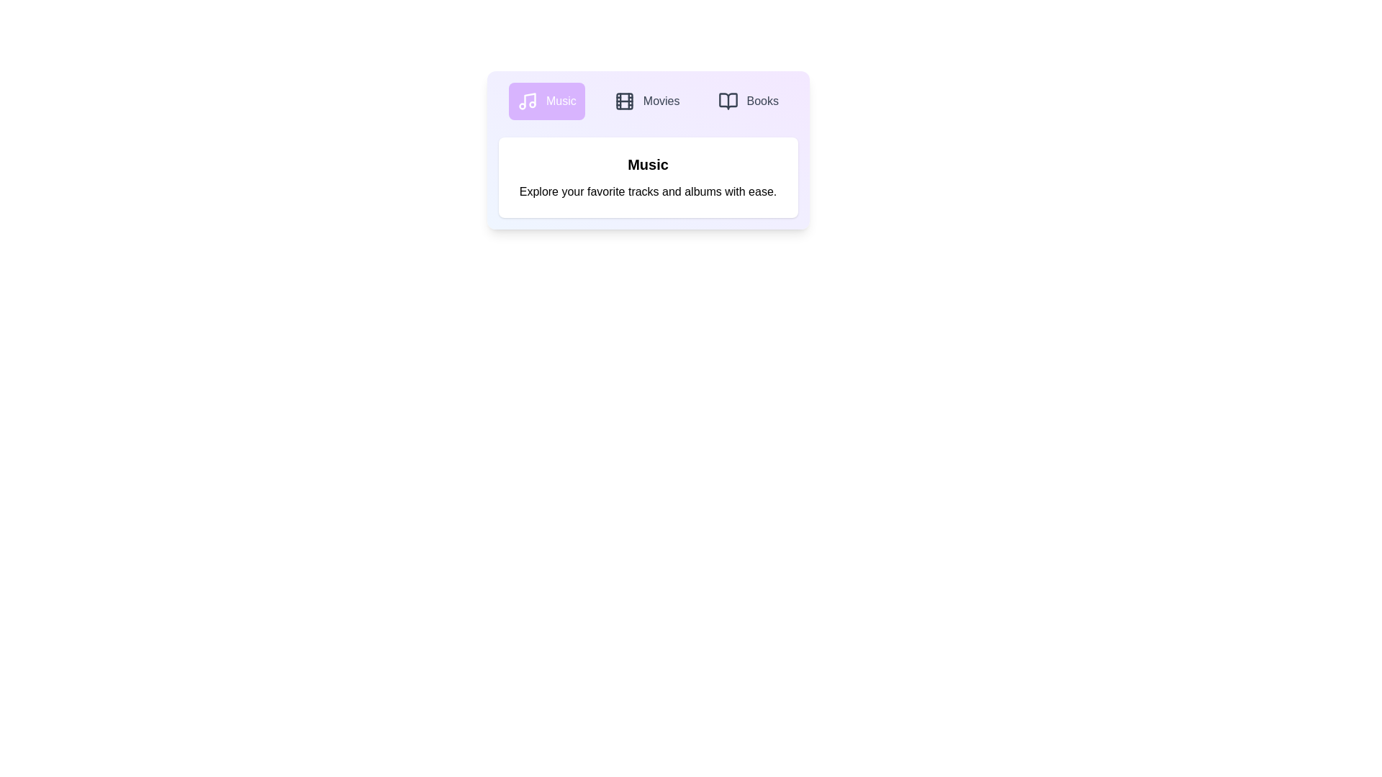  What do you see at coordinates (646, 101) in the screenshot?
I see `the Movies tab to view its content` at bounding box center [646, 101].